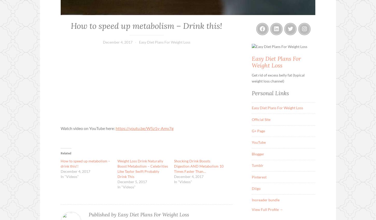  I want to click on 'Diigo', so click(256, 188).